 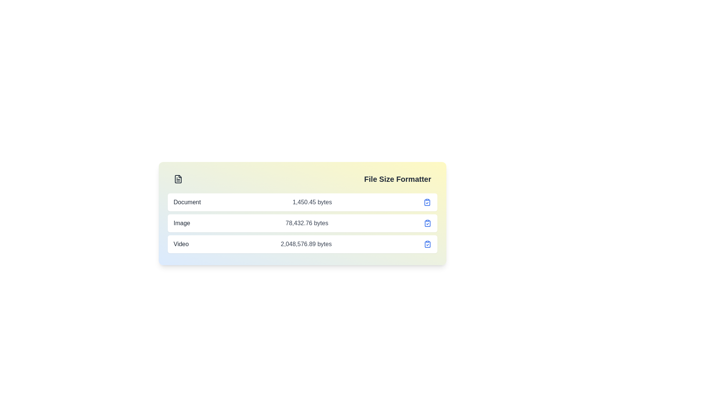 What do you see at coordinates (427, 223) in the screenshot?
I see `clipboard icon located in the top-left corner of the interface, which is the middle component of a group of three sub-elements` at bounding box center [427, 223].